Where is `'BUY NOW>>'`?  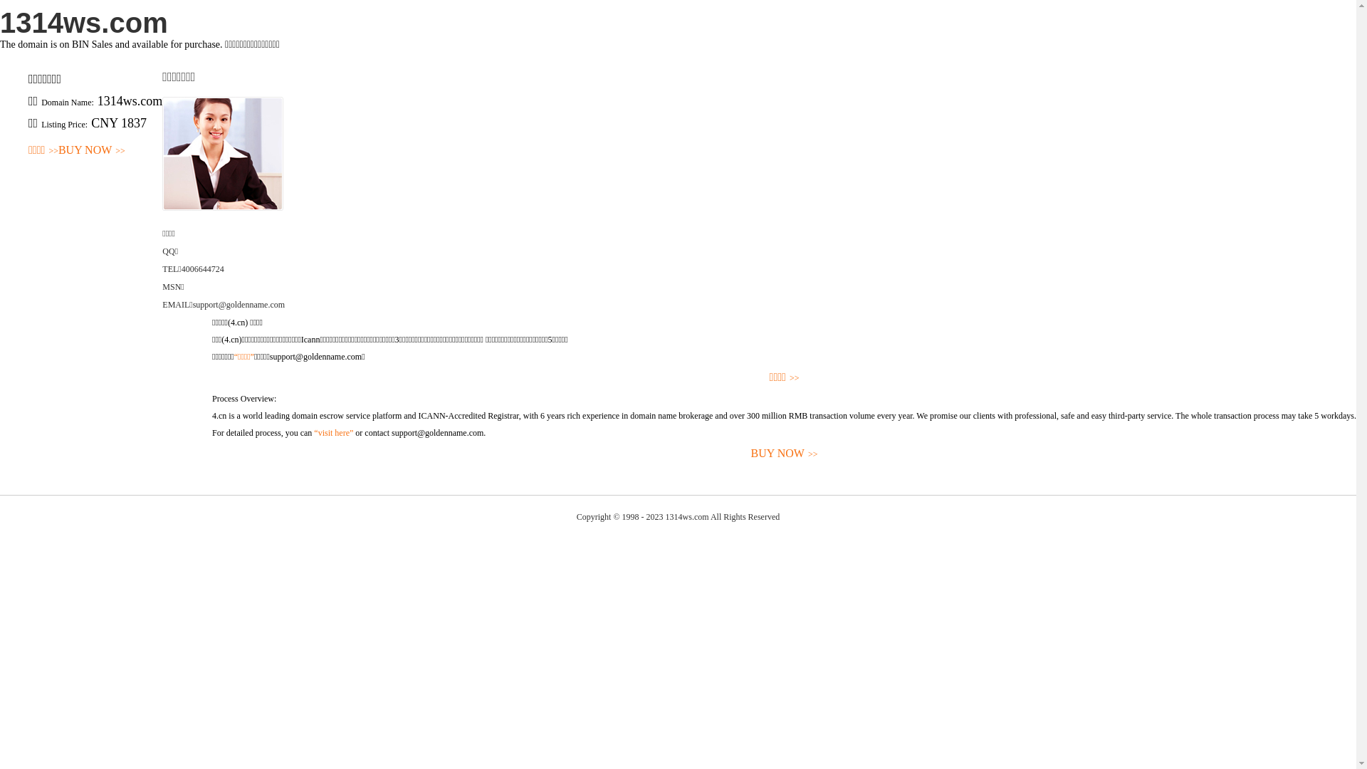 'BUY NOW>>' is located at coordinates (91, 150).